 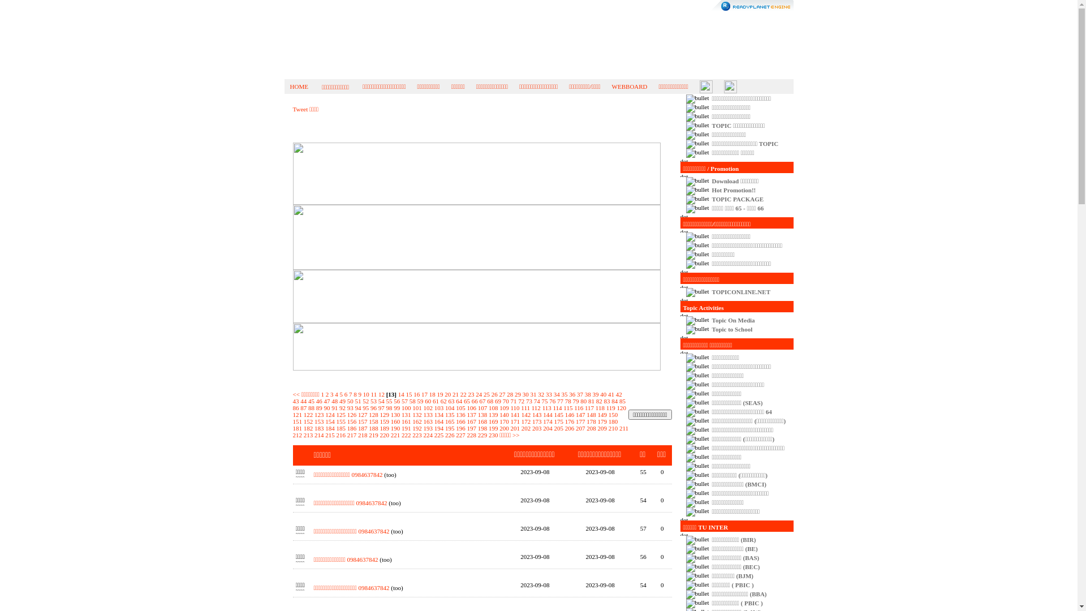 What do you see at coordinates (610, 408) in the screenshot?
I see `'119'` at bounding box center [610, 408].